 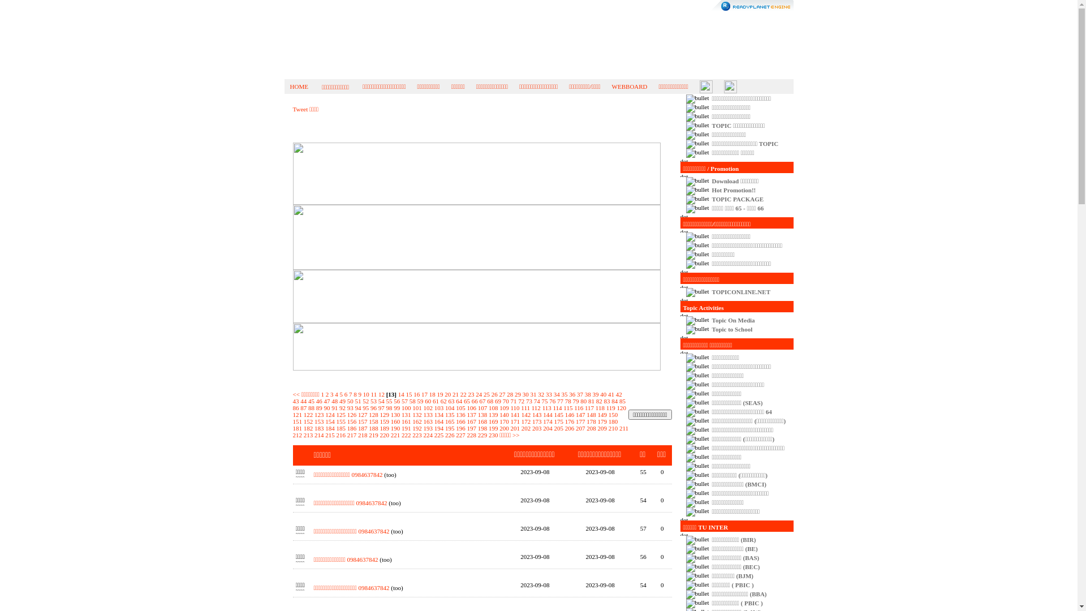 What do you see at coordinates (610, 408) in the screenshot?
I see `'119'` at bounding box center [610, 408].